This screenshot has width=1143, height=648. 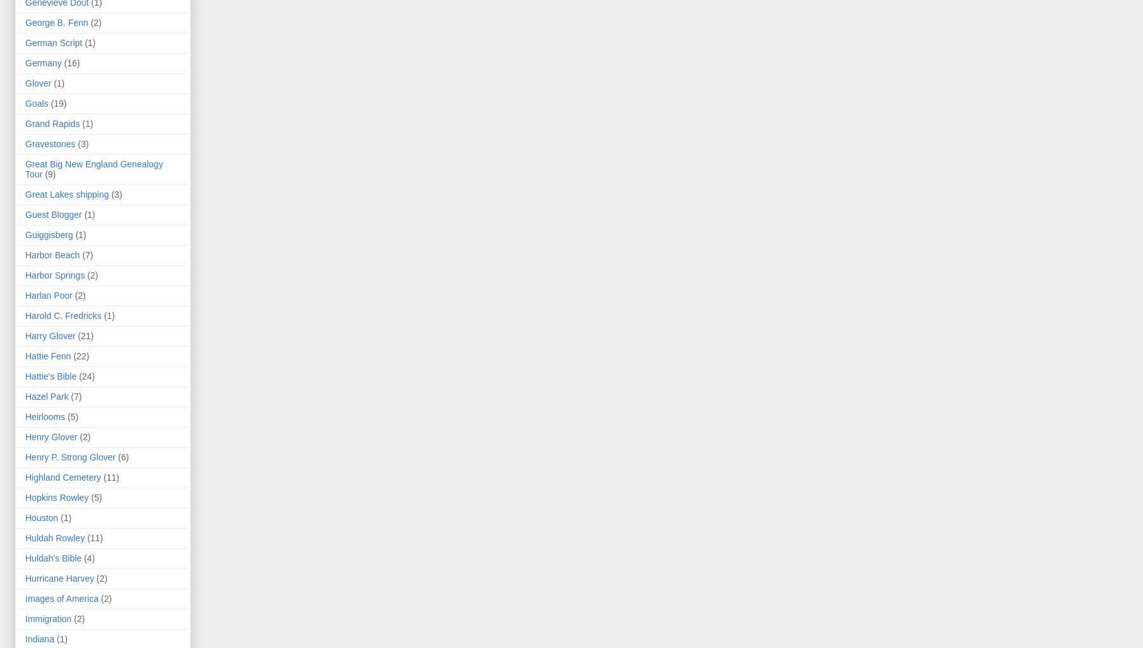 I want to click on 'Indiana', so click(x=39, y=639).